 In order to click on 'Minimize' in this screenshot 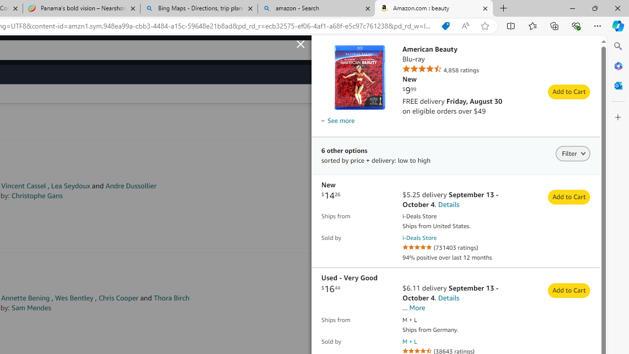, I will do `click(572, 8)`.